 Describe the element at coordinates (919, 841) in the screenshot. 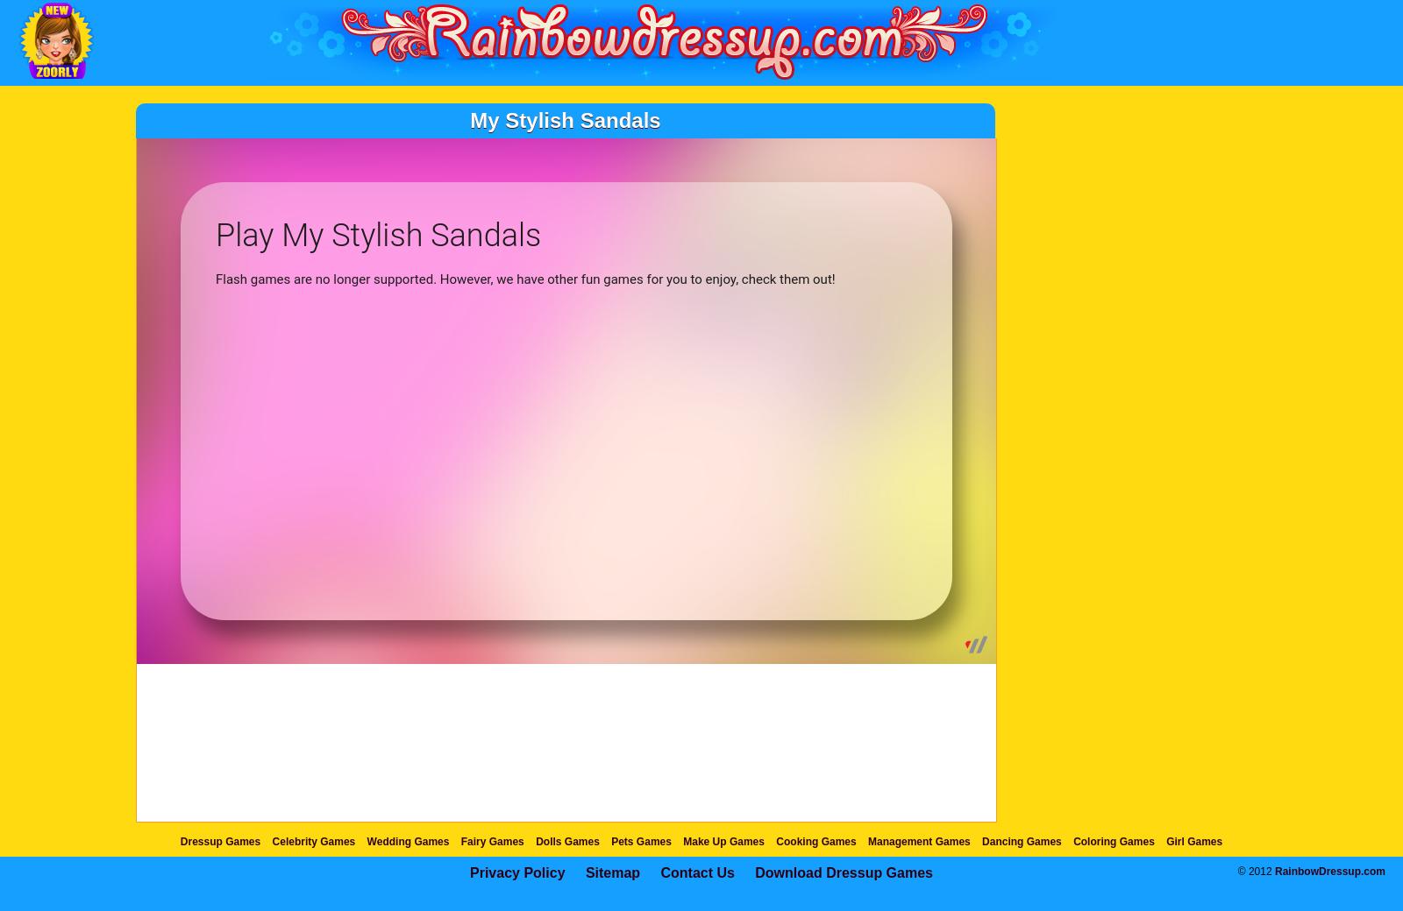

I see `'Management Games'` at that location.